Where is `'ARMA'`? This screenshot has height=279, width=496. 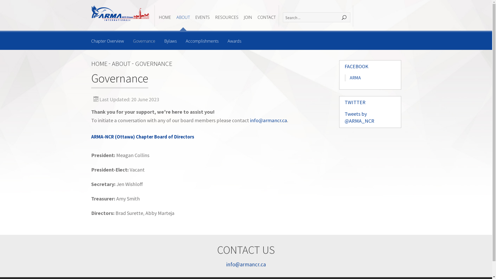
'ARMA' is located at coordinates (355, 78).